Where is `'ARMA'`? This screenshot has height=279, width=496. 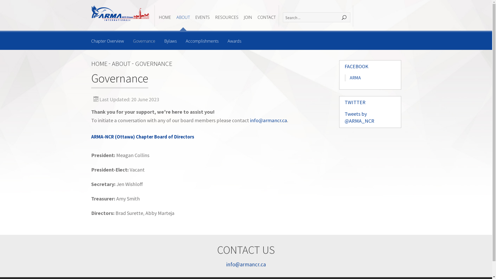
'ARMA' is located at coordinates (355, 78).